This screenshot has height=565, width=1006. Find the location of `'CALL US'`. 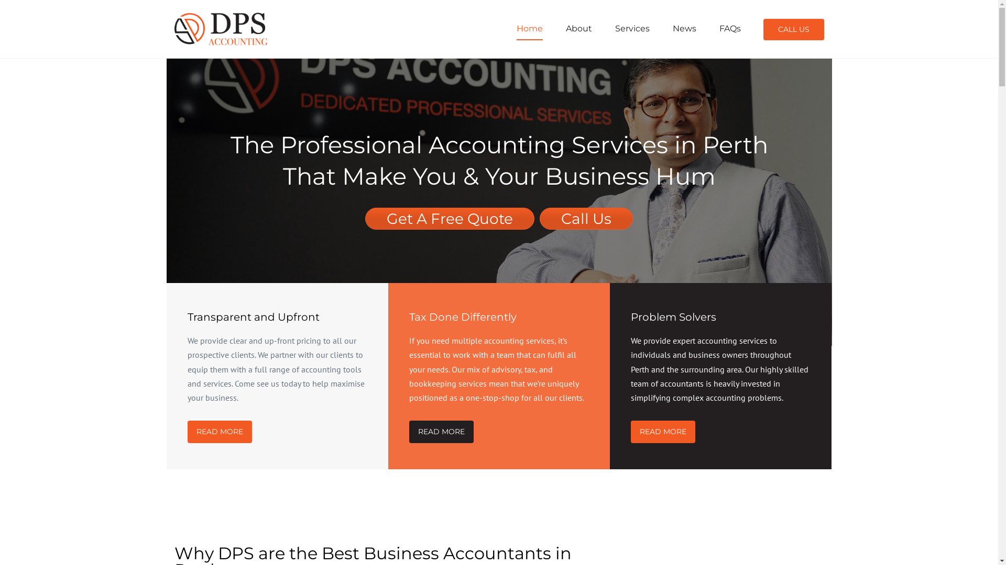

'CALL US' is located at coordinates (793, 29).